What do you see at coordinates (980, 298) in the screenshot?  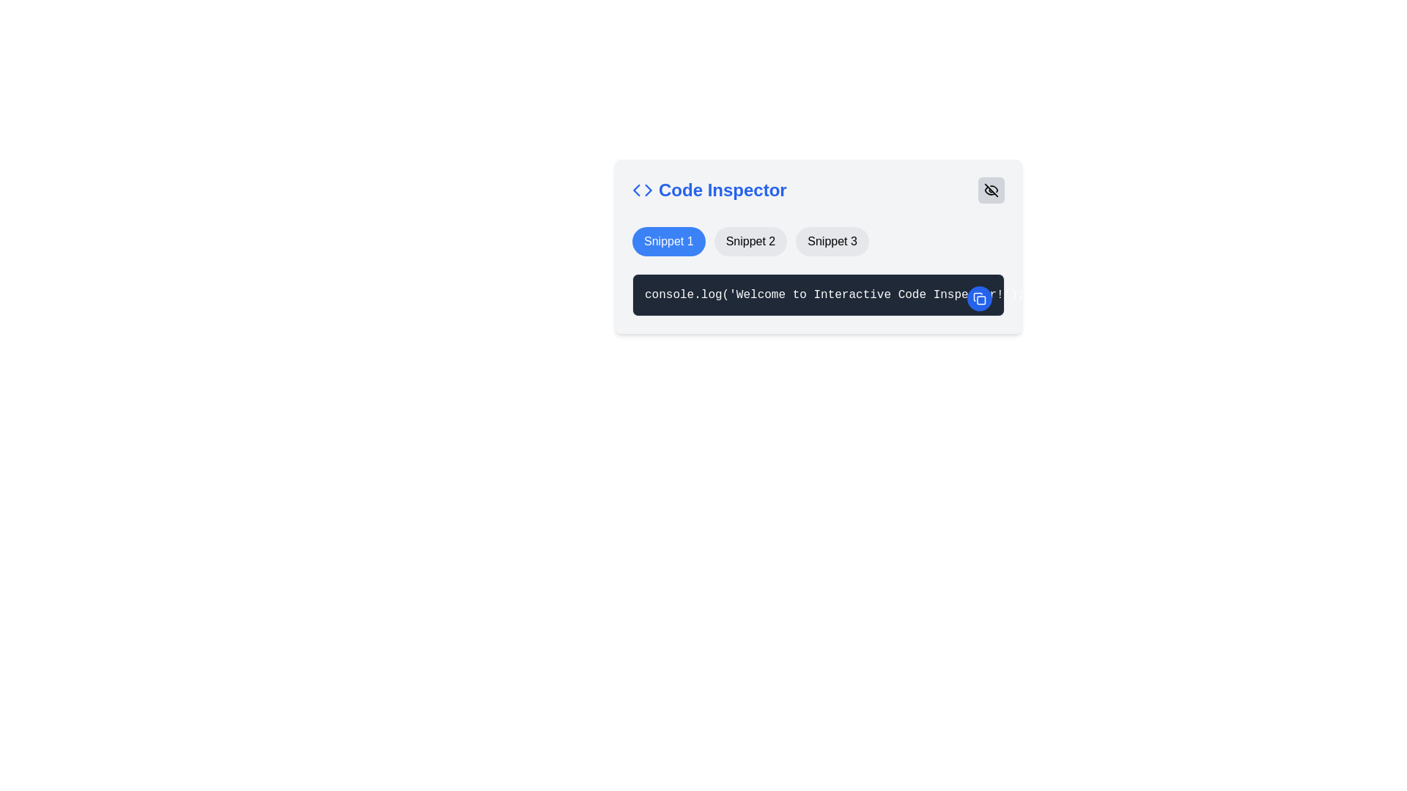 I see `the rounded blue button with a white overlapping squares icon in the top-right corner of the dark gray background to change its color` at bounding box center [980, 298].